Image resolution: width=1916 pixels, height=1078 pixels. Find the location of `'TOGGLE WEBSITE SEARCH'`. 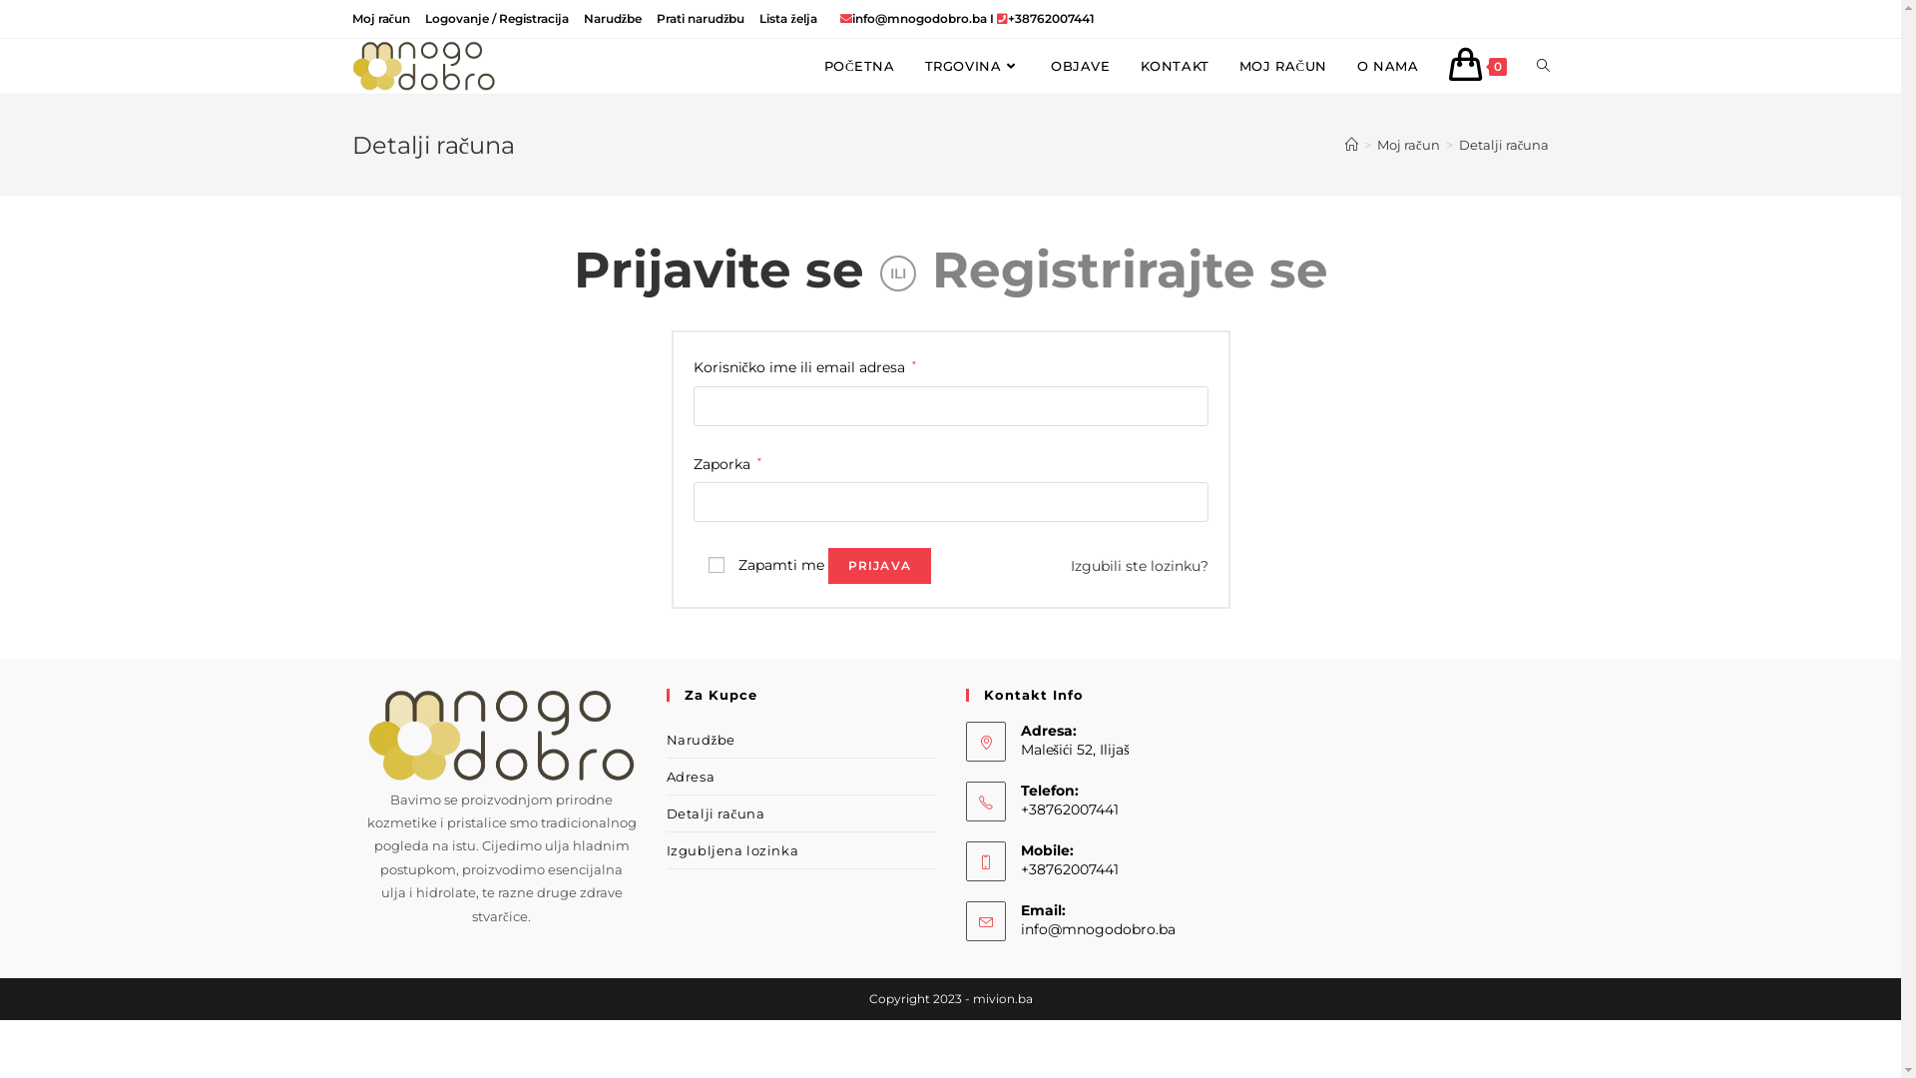

'TOGGLE WEBSITE SEARCH' is located at coordinates (1541, 65).